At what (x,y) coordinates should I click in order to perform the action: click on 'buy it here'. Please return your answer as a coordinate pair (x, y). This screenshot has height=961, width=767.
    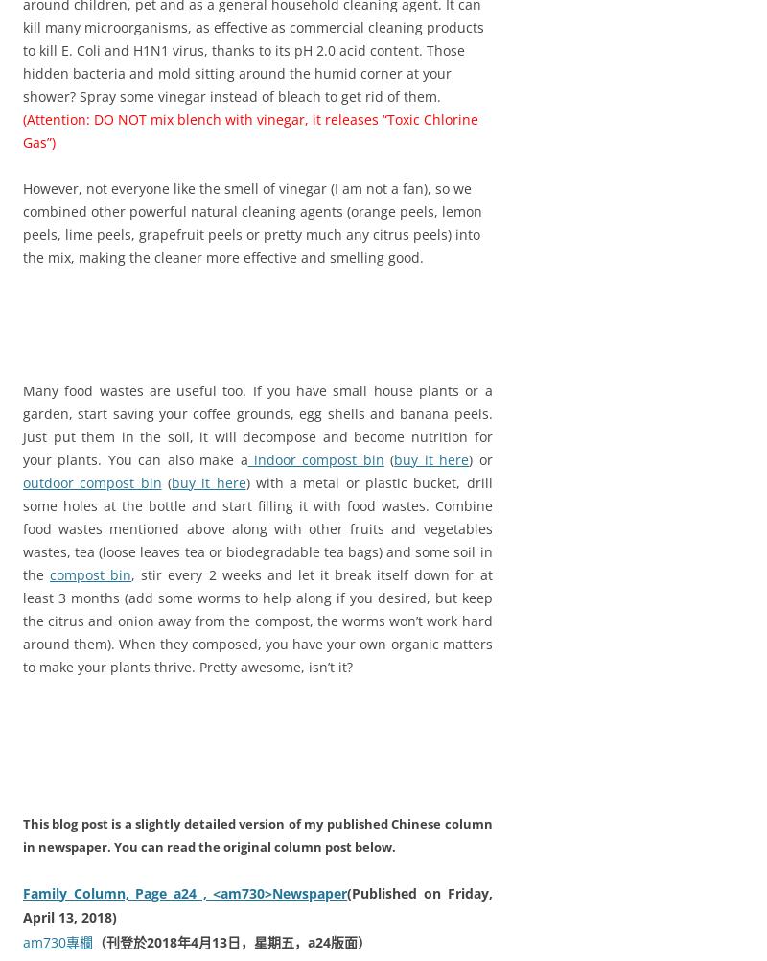
    Looking at the image, I should click on (207, 481).